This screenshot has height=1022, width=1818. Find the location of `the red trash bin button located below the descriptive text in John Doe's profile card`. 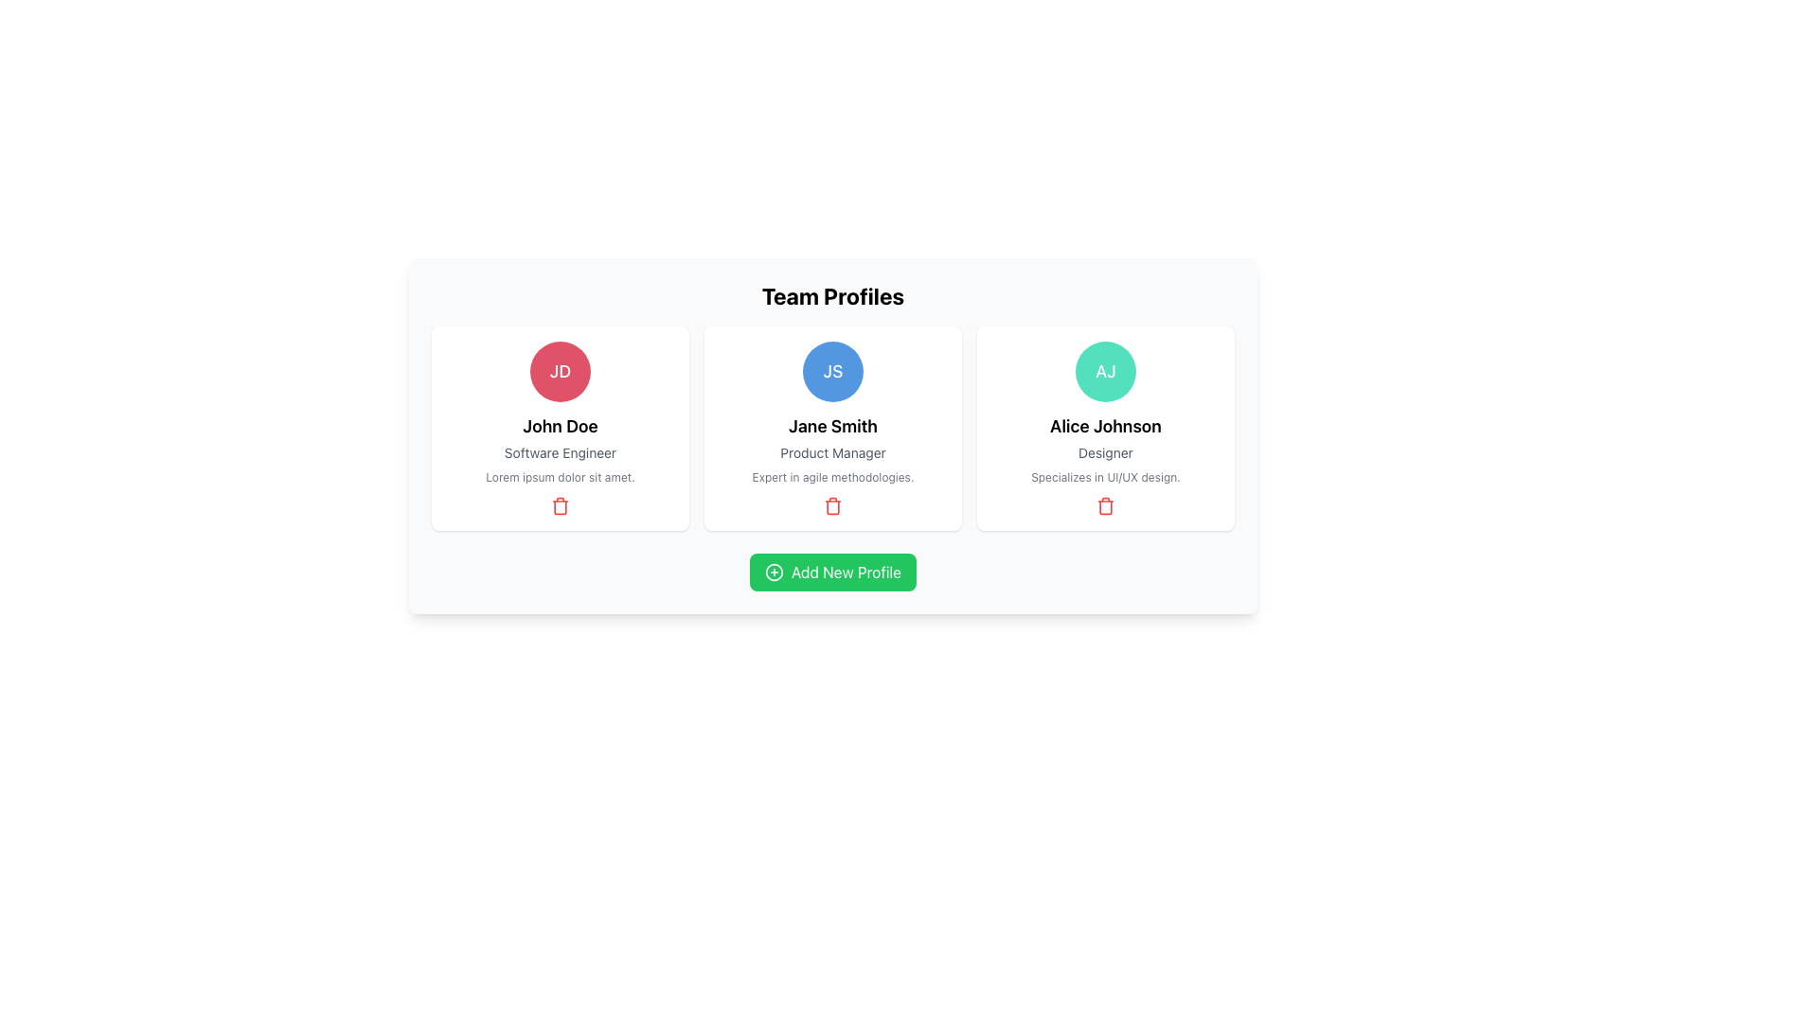

the red trash bin button located below the descriptive text in John Doe's profile card is located at coordinates (559, 505).